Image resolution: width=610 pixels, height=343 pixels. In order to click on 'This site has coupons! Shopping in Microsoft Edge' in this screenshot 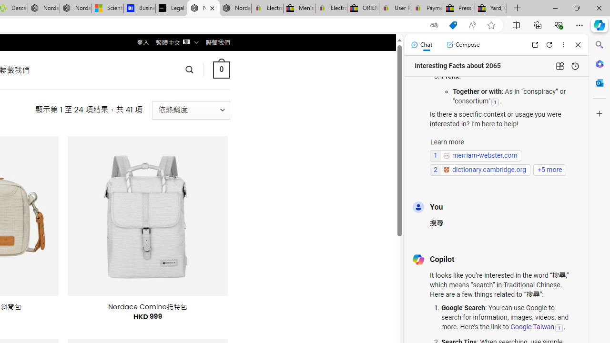, I will do `click(453, 25)`.